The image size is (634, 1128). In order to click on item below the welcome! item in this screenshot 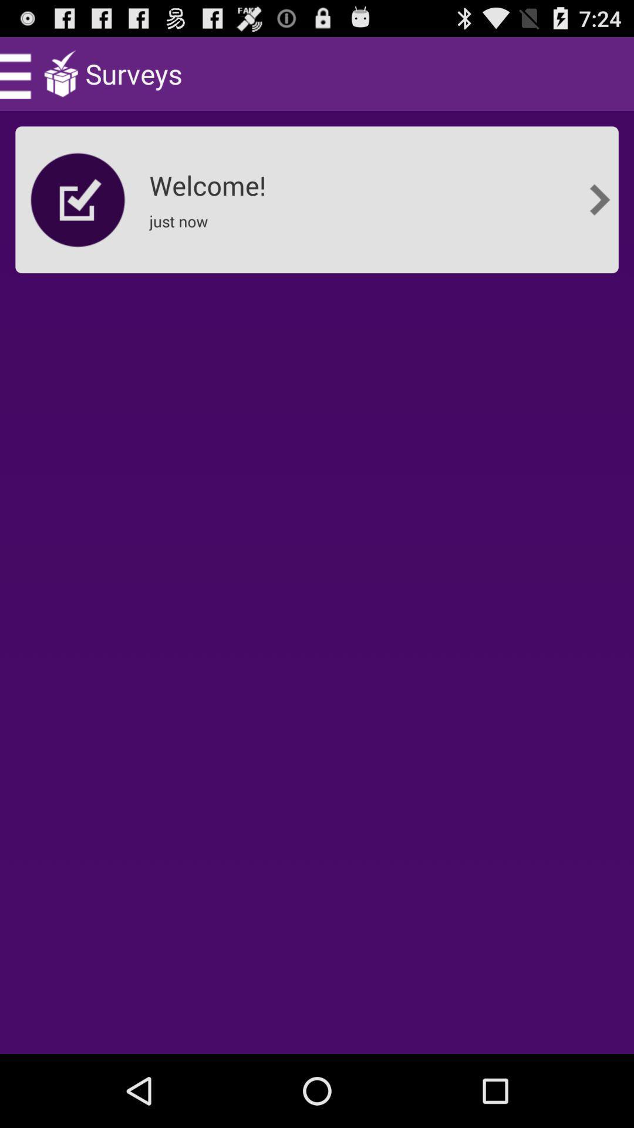, I will do `click(182, 229)`.